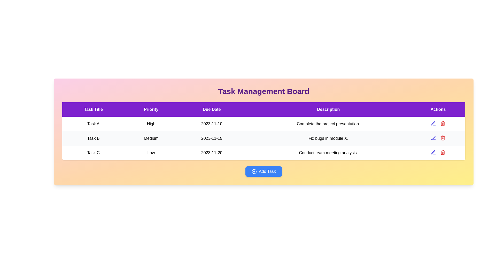  What do you see at coordinates (93, 109) in the screenshot?
I see `the static text header that indicates the column for task names, located at the top-left section of the table header` at bounding box center [93, 109].